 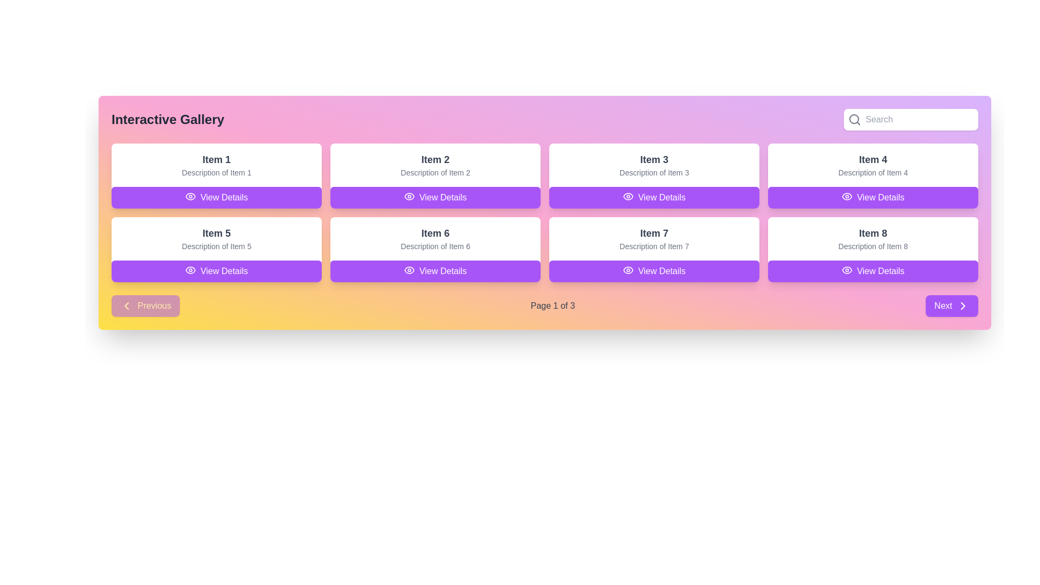 I want to click on the 'View Details' icon for the first item in the grid layout, which visually indicates that the button is associated with viewing more details, so click(x=191, y=269).